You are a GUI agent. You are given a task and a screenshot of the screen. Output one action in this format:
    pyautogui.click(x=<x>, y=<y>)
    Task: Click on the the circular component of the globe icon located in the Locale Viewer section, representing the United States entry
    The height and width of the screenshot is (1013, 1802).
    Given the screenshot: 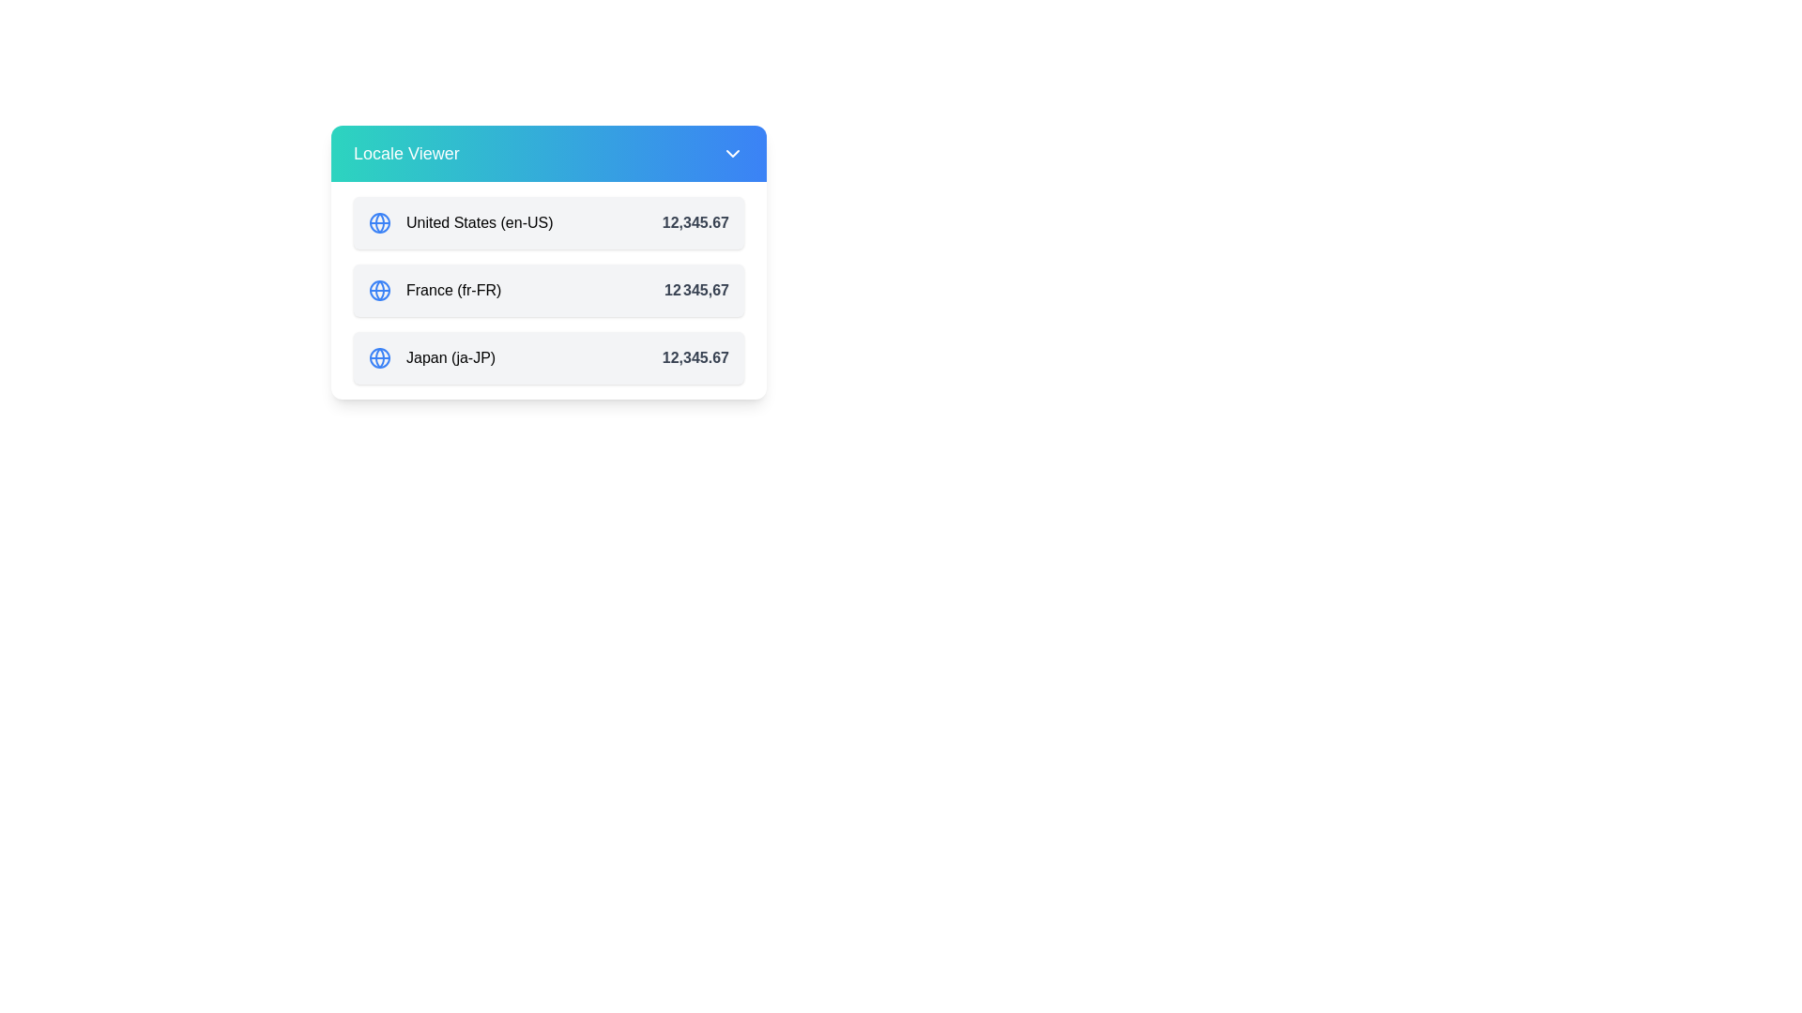 What is the action you would take?
    pyautogui.click(x=378, y=222)
    